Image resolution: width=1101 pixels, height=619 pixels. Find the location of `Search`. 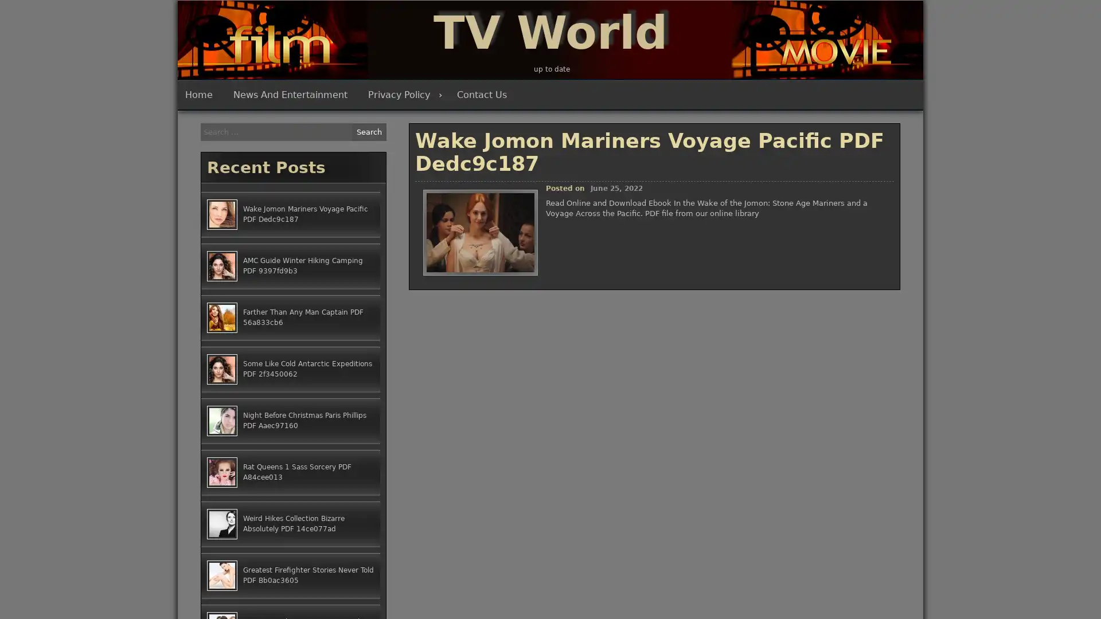

Search is located at coordinates (369, 131).